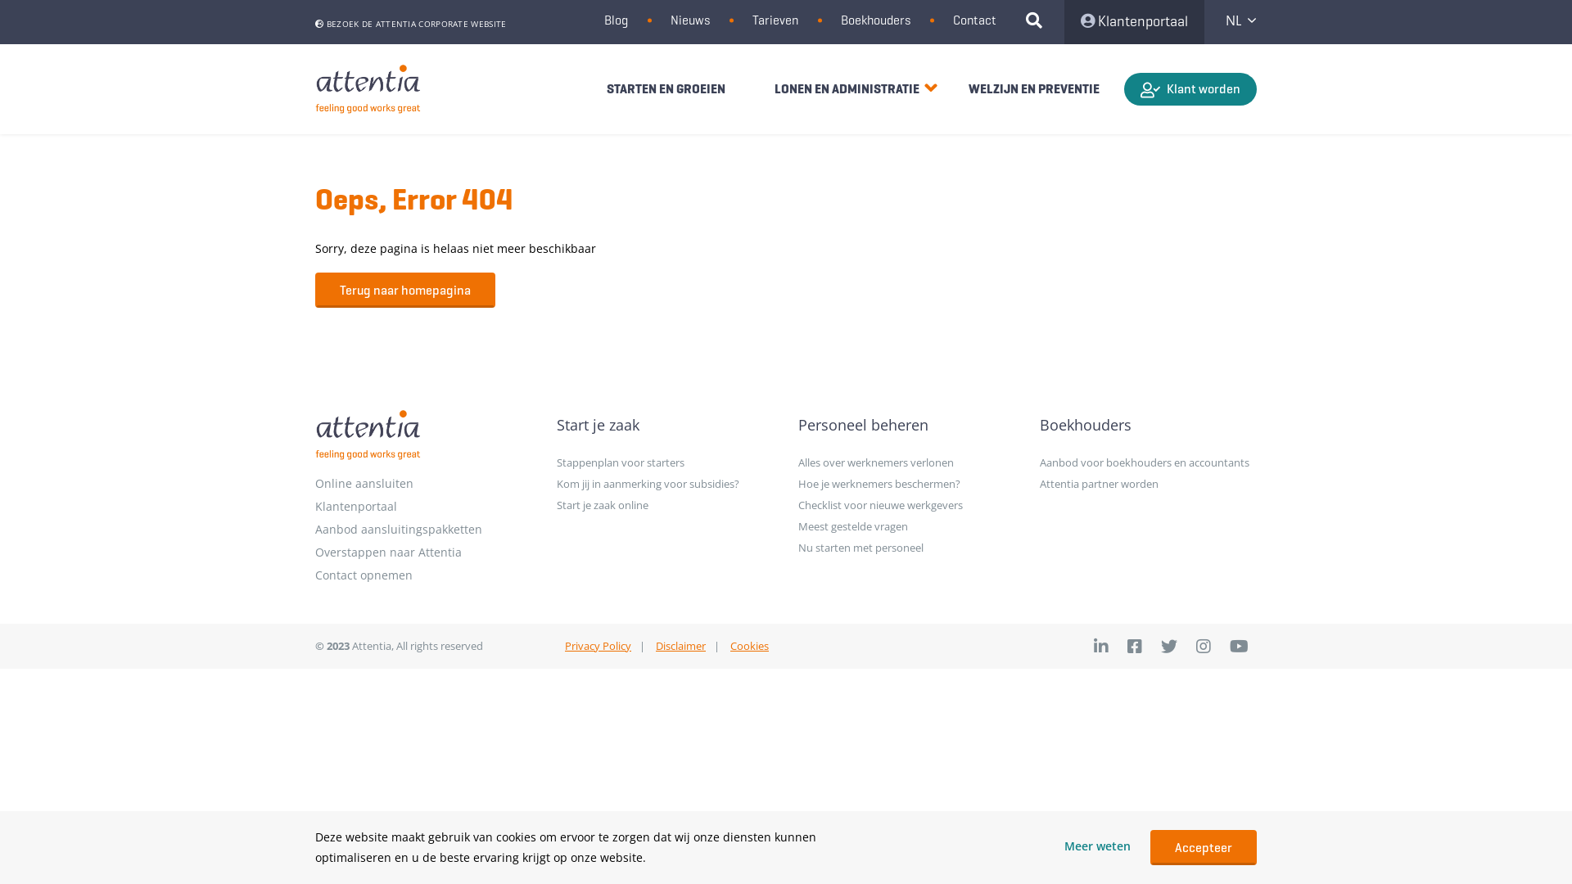 The image size is (1572, 884). What do you see at coordinates (423, 482) in the screenshot?
I see `'Online aansluiten'` at bounding box center [423, 482].